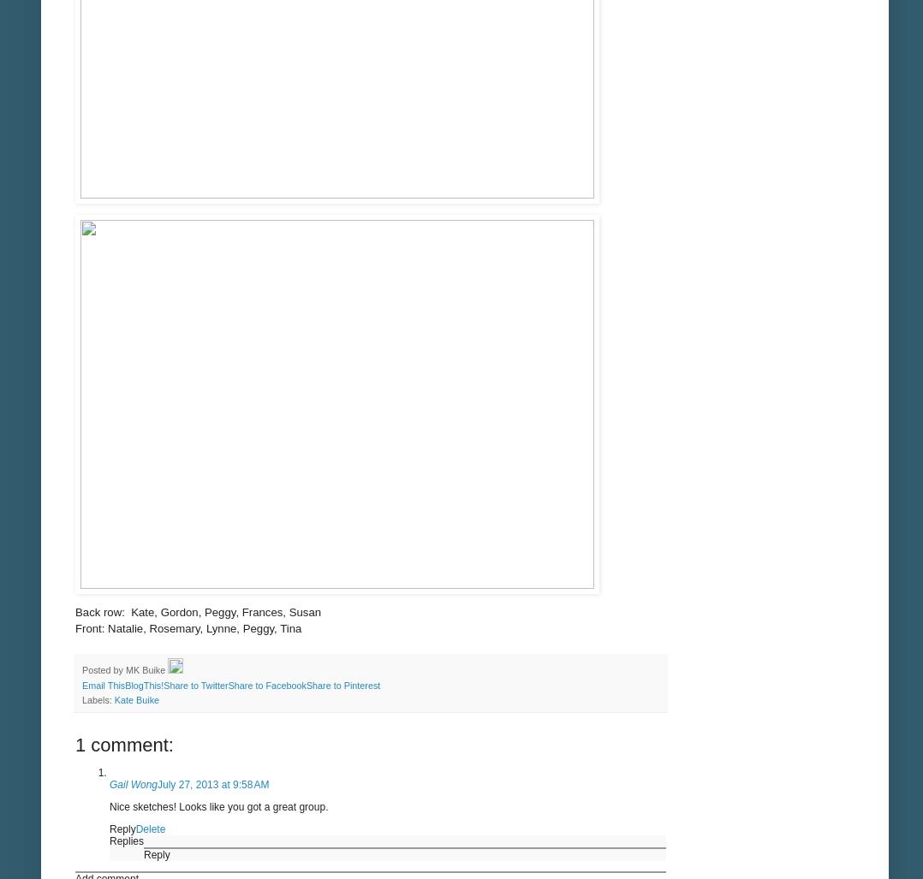 The width and height of the screenshot is (923, 879). I want to click on 'Front: Natalie, Rosemary, Lynne, Peggy, Tina', so click(188, 627).